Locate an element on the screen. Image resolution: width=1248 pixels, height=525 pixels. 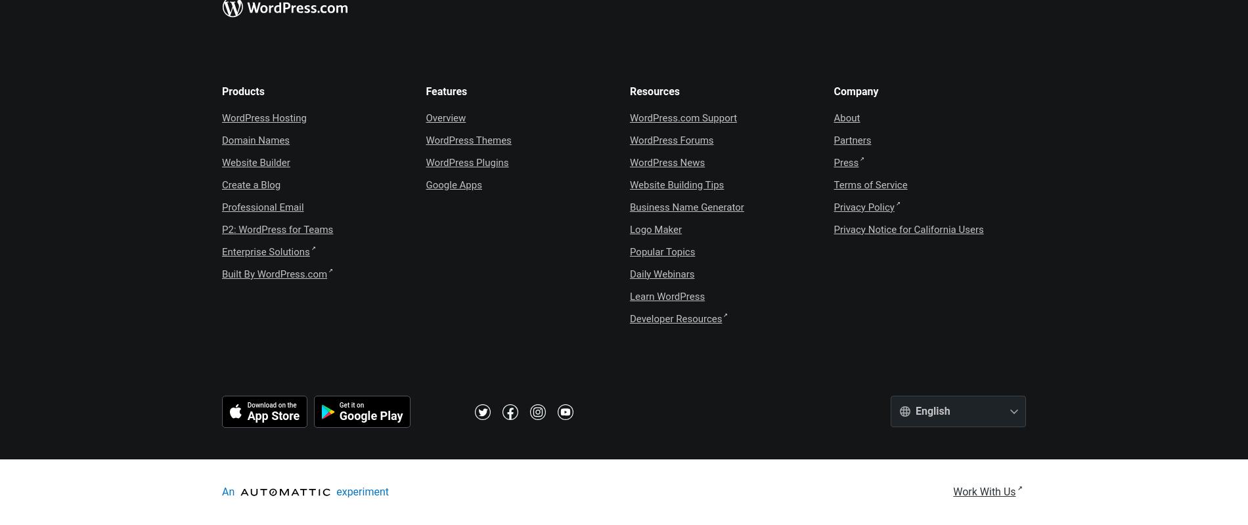
'Website Building Tips' is located at coordinates (629, 184).